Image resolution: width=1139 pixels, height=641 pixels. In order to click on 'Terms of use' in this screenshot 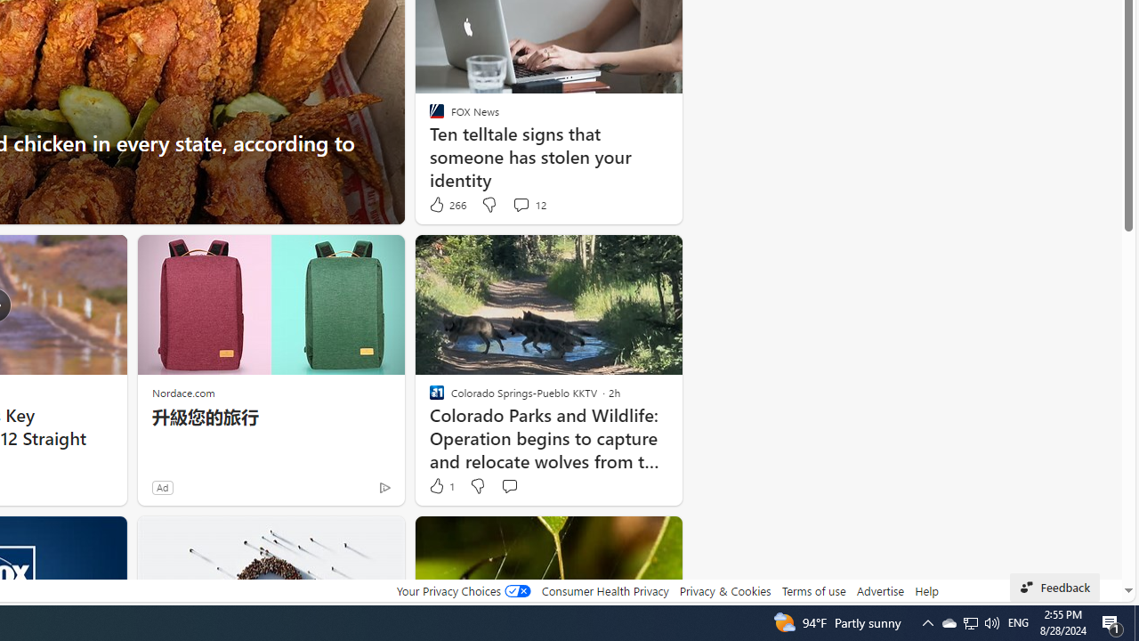, I will do `click(812, 590)`.